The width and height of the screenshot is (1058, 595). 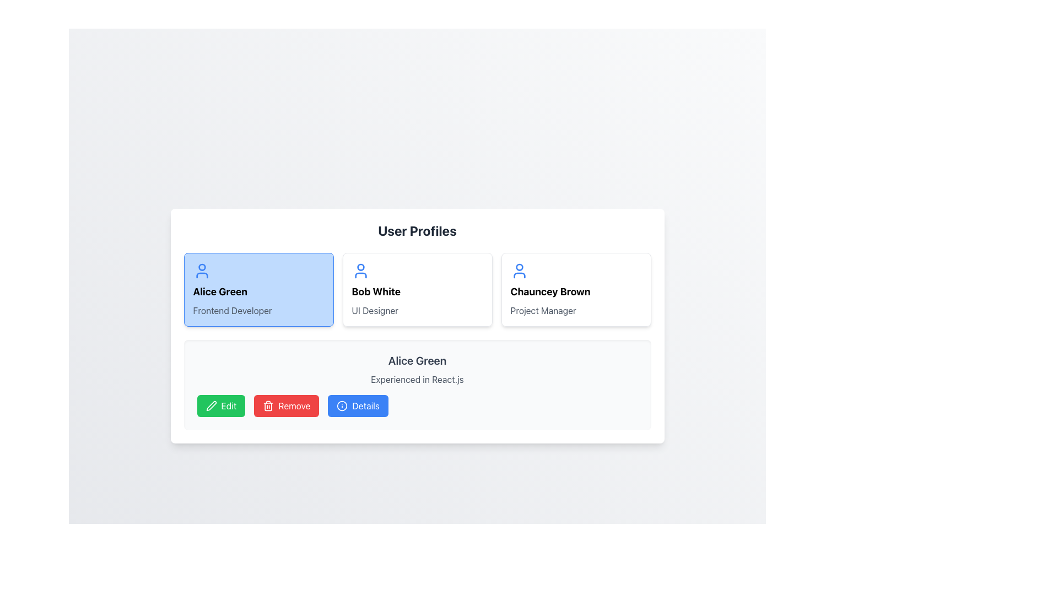 I want to click on the SVG icon representing the user profile of Alice Green, which is located in the upper-left corner of her profile card, so click(x=202, y=271).